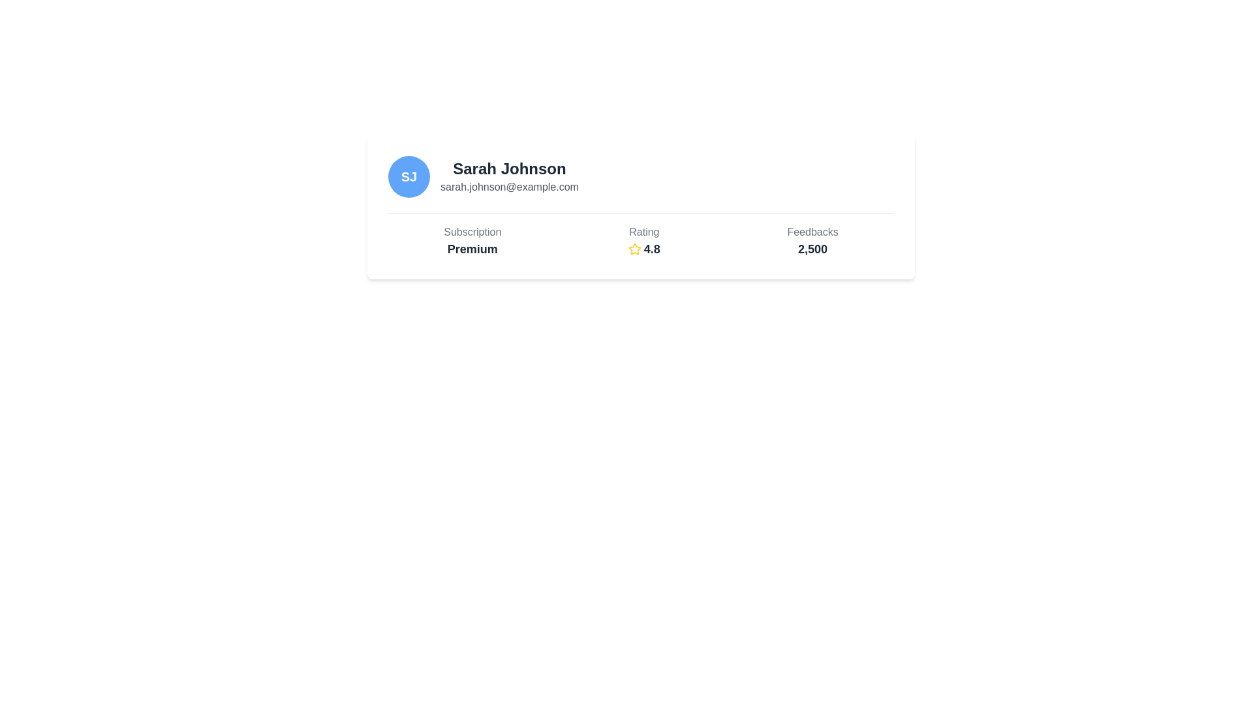 The image size is (1253, 705). I want to click on the informational display group that summarizes user-related metrics such as subscription status, rating, and feedback count, located in the lower section of a white card, so click(641, 236).